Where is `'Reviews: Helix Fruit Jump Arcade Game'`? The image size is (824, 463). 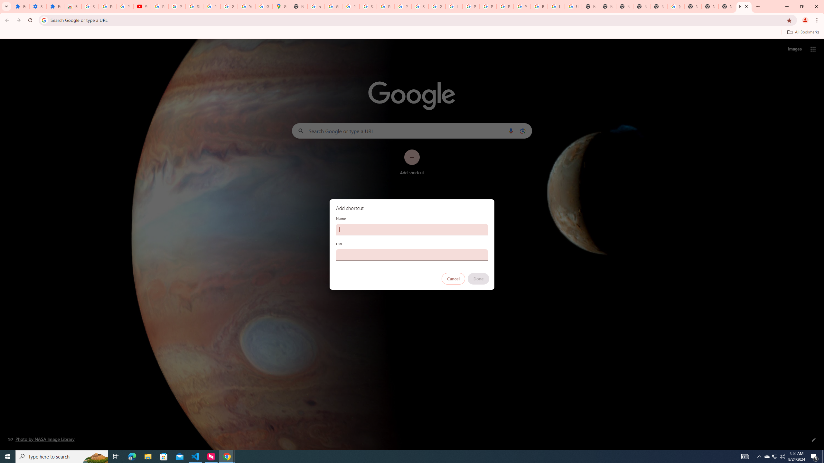 'Reviews: Helix Fruit Jump Arcade Game' is located at coordinates (72, 6).